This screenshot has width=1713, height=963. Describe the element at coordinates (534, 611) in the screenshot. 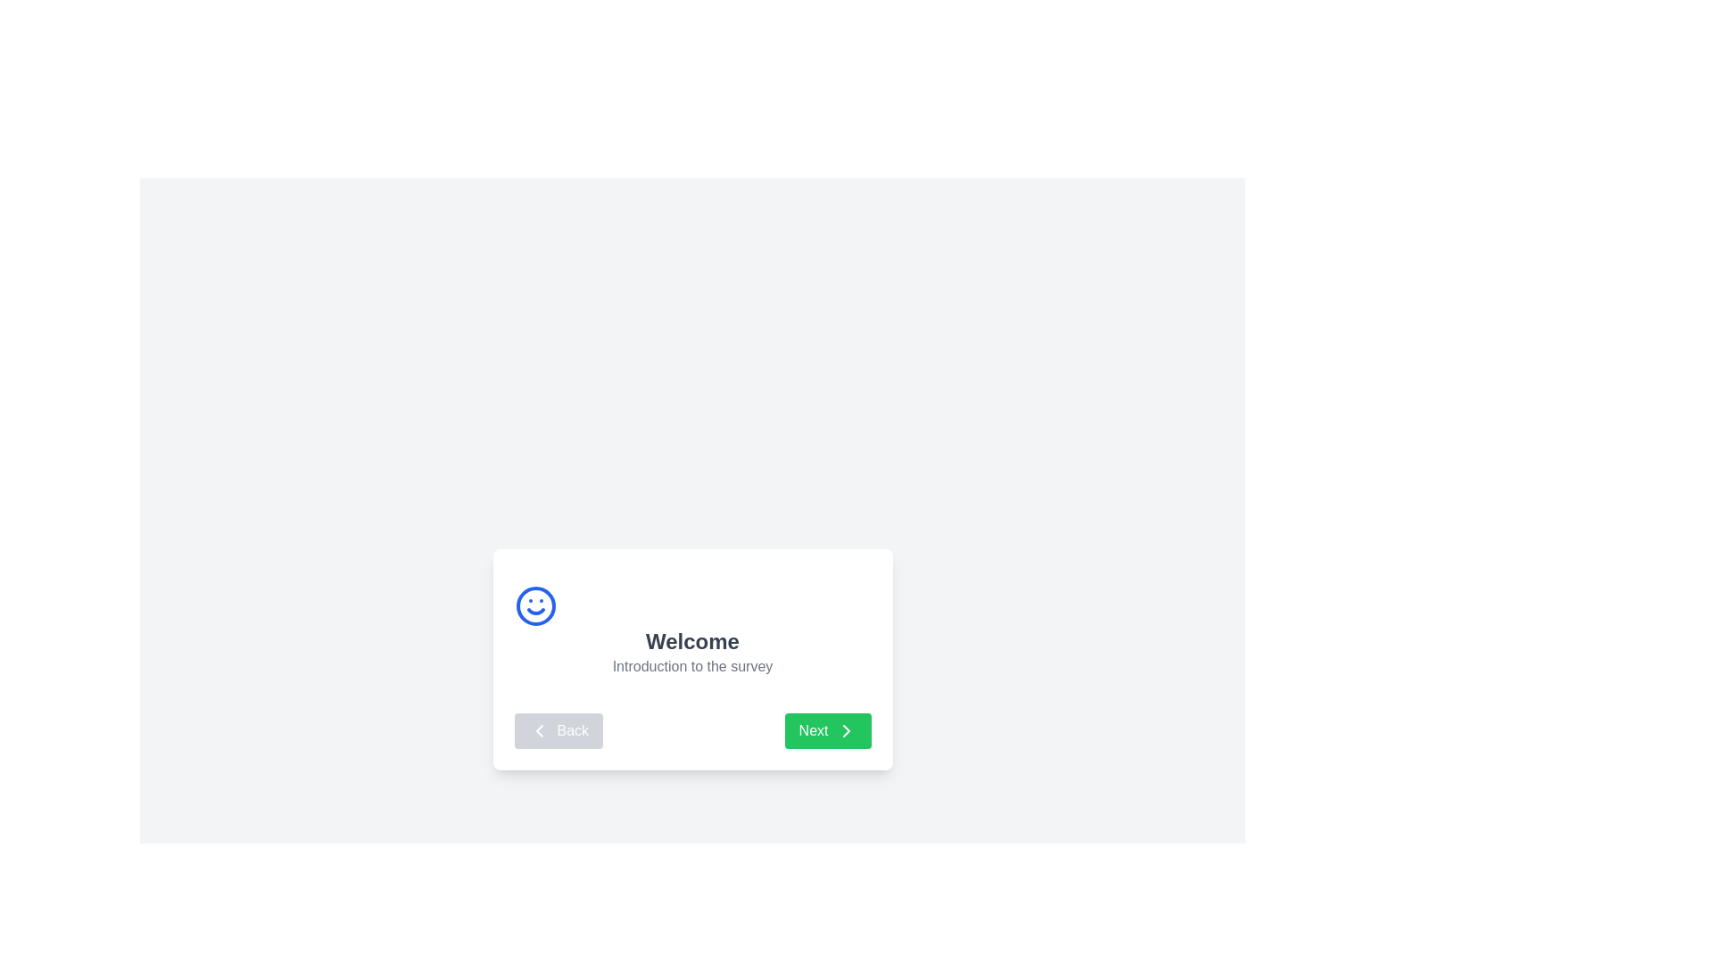

I see `the curved, red line within the SVG graphic that represents a smile in an emoticon, located at the top-left corner of a card interface` at that location.